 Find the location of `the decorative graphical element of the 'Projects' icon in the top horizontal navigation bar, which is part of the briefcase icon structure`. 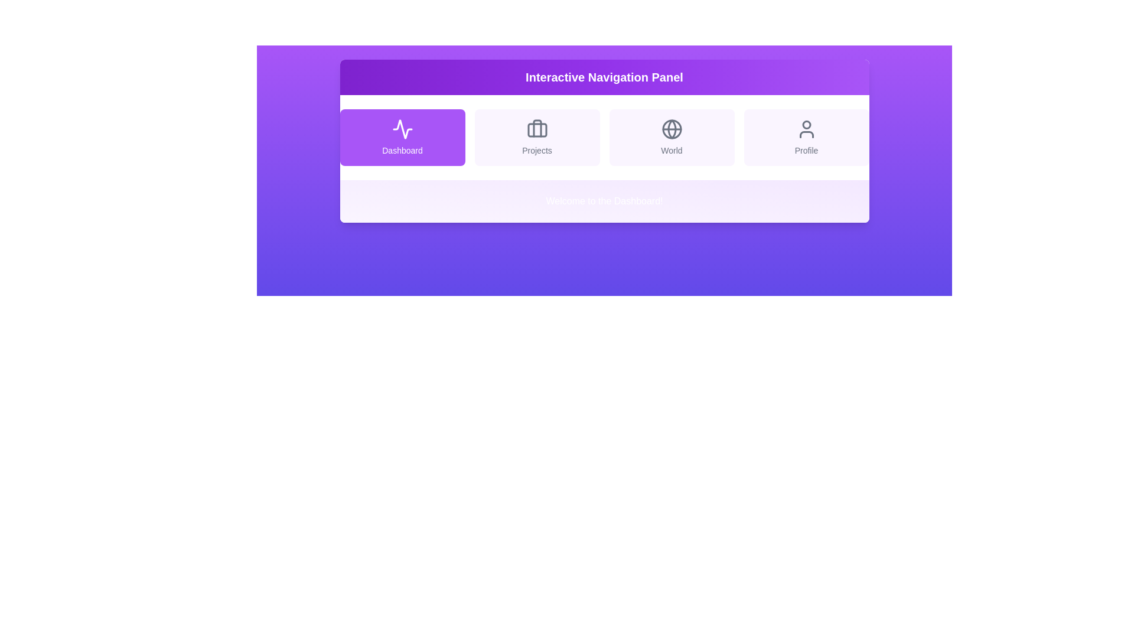

the decorative graphical element of the 'Projects' icon in the top horizontal navigation bar, which is part of the briefcase icon structure is located at coordinates (536, 130).